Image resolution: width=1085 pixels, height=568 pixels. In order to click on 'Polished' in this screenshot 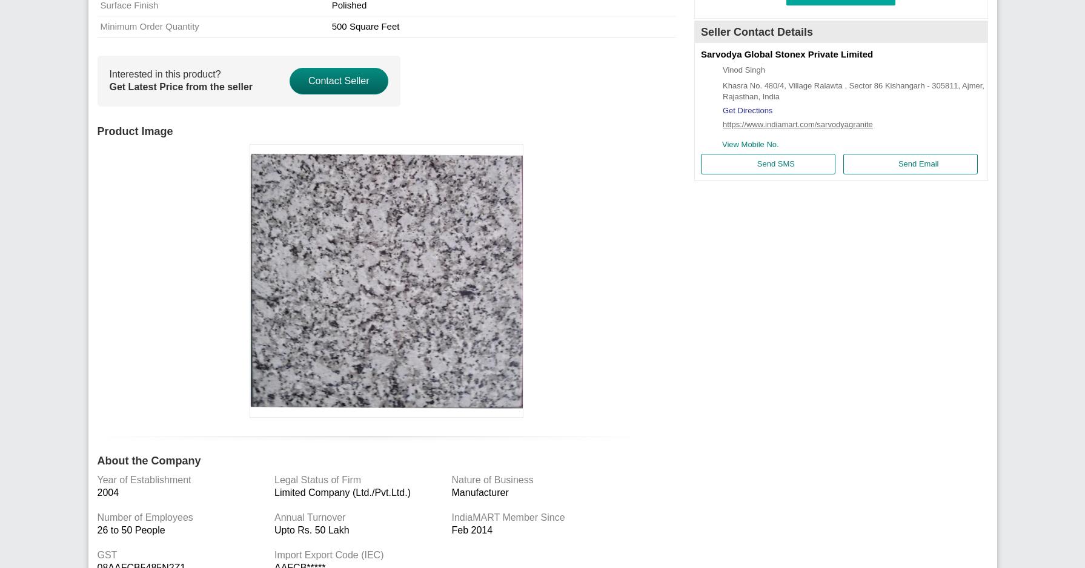, I will do `click(331, 5)`.